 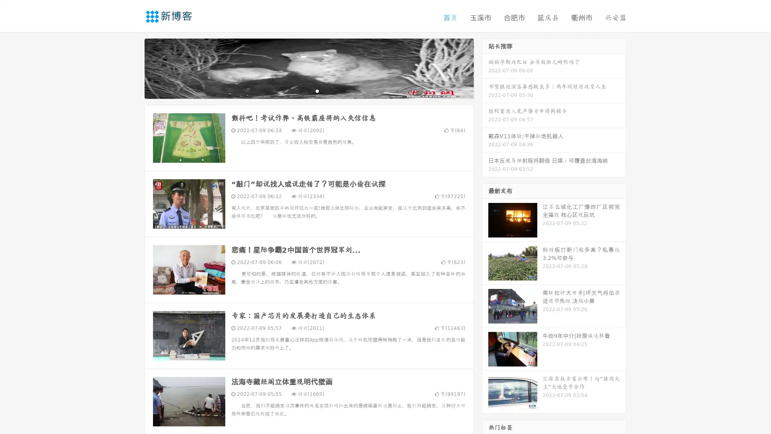 I want to click on Go to slide 3, so click(x=317, y=90).